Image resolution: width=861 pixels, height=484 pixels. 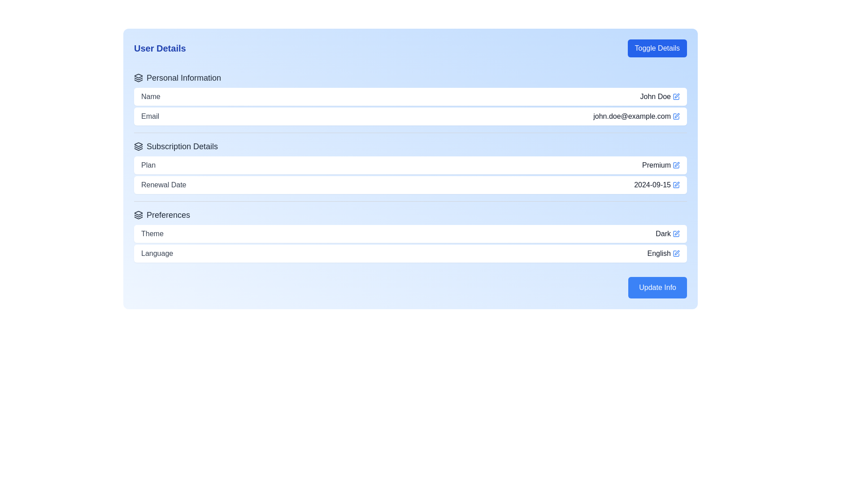 What do you see at coordinates (660, 97) in the screenshot?
I see `the blue edit icon next to the text 'John Doe'` at bounding box center [660, 97].